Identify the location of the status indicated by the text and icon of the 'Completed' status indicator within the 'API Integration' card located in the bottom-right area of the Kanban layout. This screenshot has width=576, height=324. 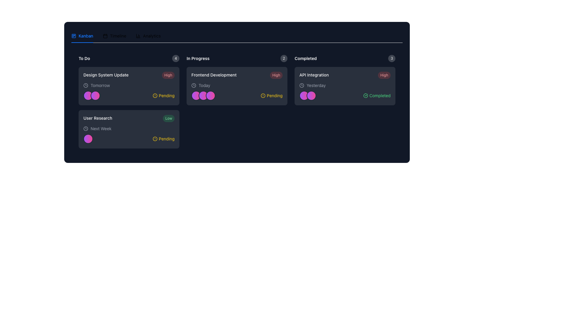
(345, 95).